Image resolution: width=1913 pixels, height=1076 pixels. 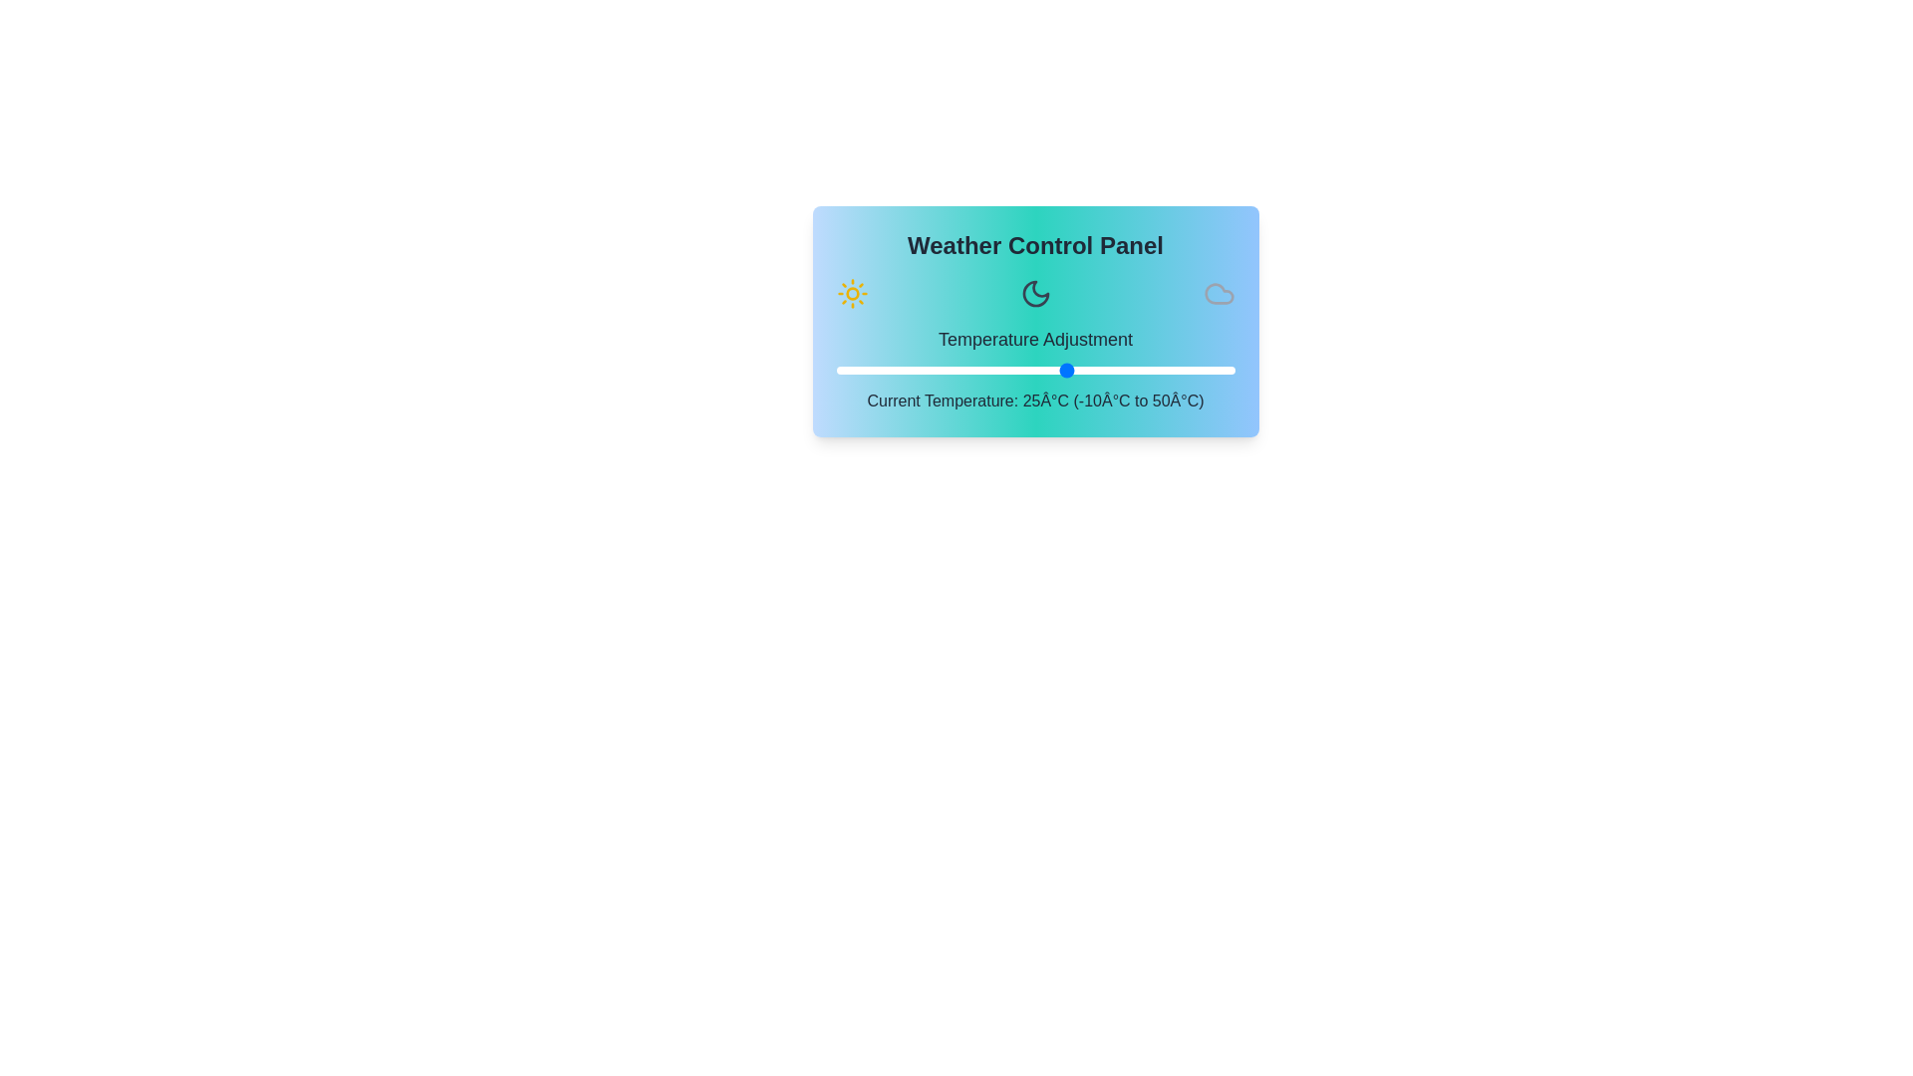 I want to click on the temperature to 40°C using the slider, so click(x=1168, y=370).